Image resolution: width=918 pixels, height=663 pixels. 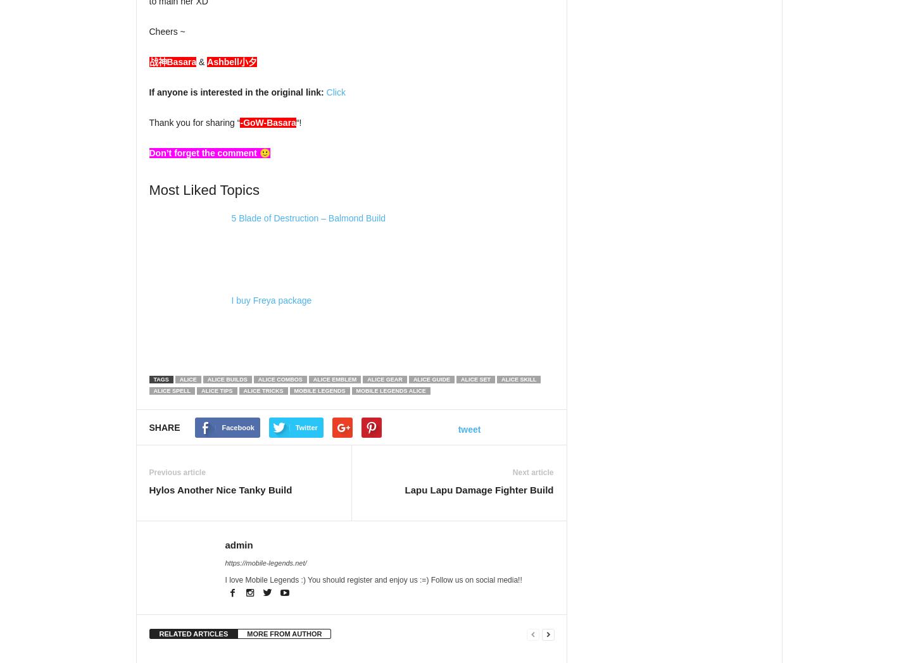 I want to click on 'Lapu Lapu Damage Fighter Build', so click(x=475, y=489).